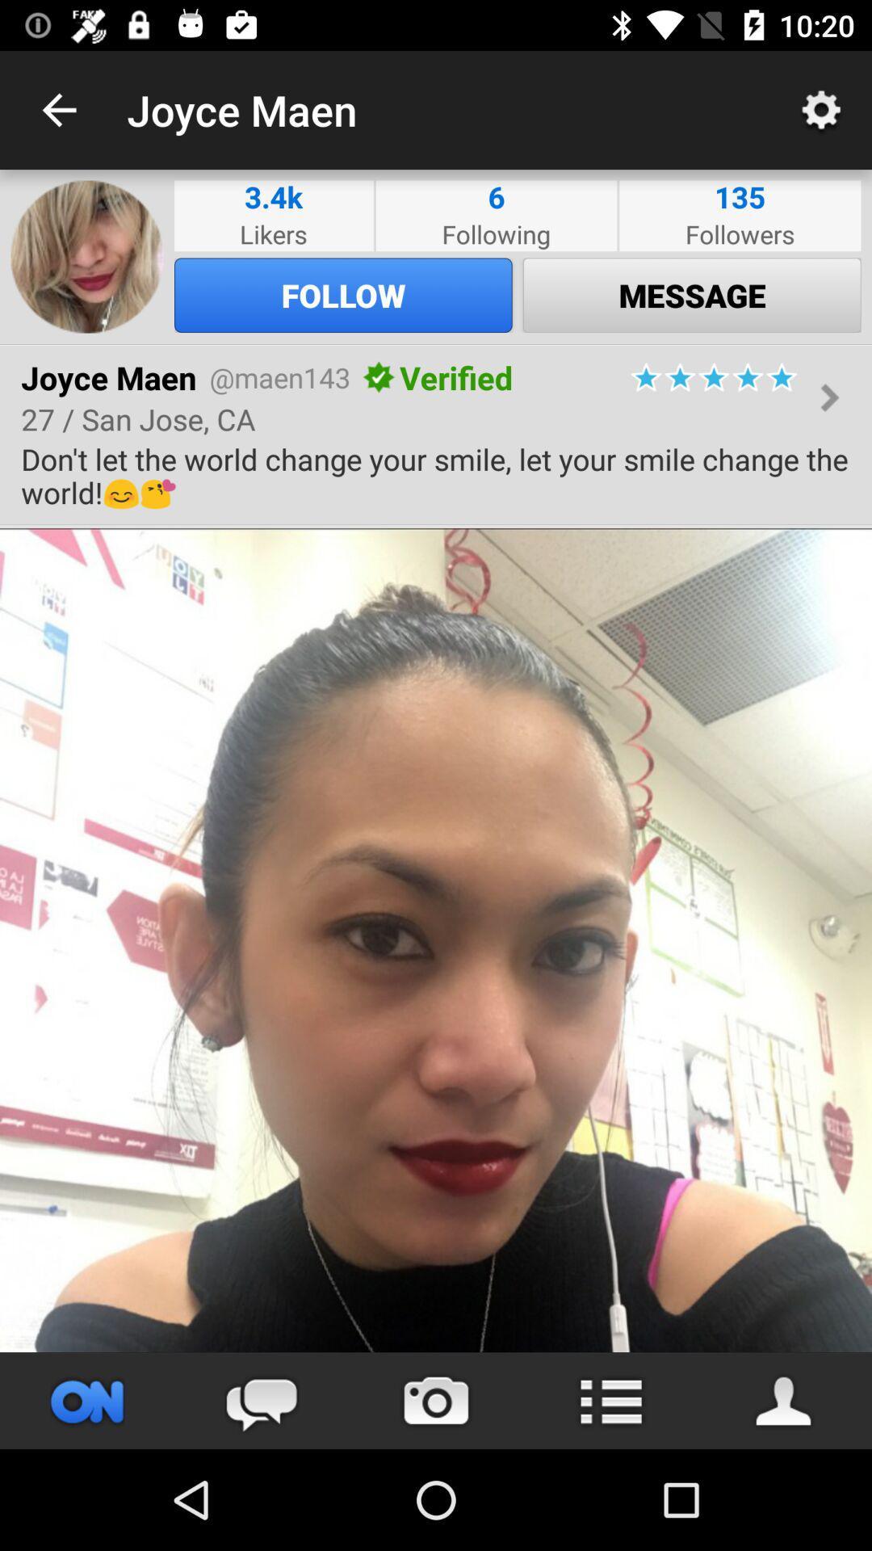  I want to click on profile details, so click(784, 1400).